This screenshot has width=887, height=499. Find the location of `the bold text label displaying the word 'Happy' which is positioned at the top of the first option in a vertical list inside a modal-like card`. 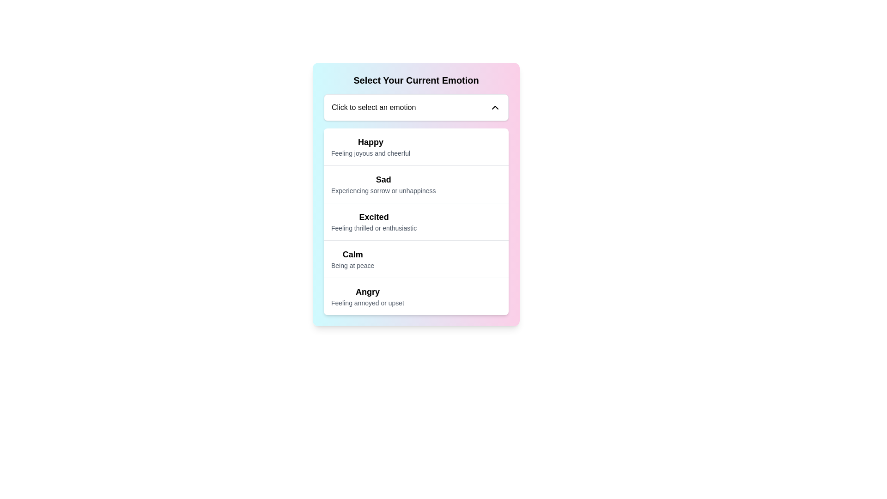

the bold text label displaying the word 'Happy' which is positioned at the top of the first option in a vertical list inside a modal-like card is located at coordinates (371, 142).